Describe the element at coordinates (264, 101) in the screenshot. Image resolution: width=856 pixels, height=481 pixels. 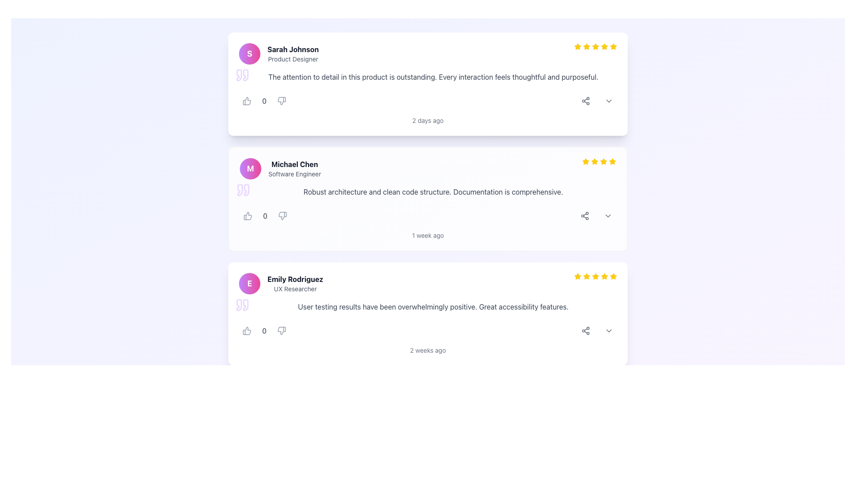
I see `the numeric display showing the value '0' in gray font` at that location.